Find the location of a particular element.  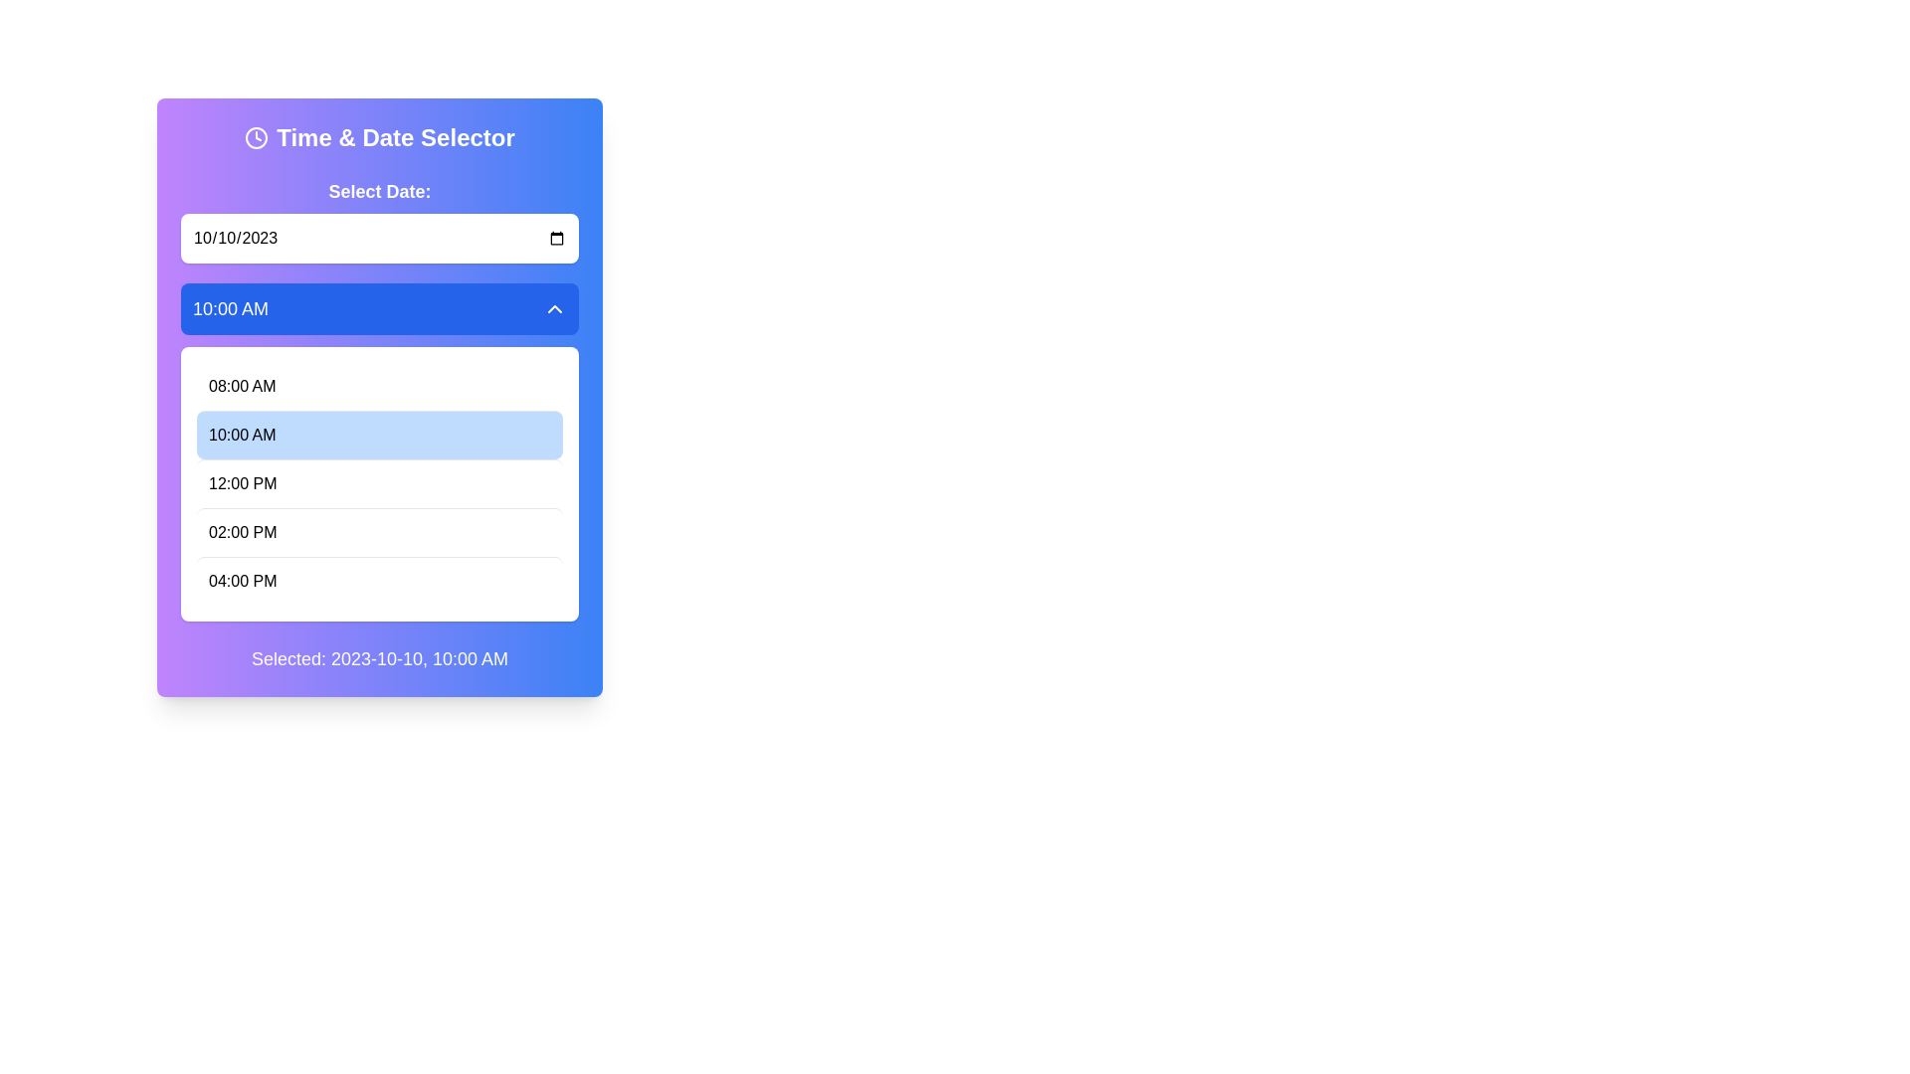

the selectable time slot labeled '02:00 PM' in the dropdown menu is located at coordinates (380, 531).